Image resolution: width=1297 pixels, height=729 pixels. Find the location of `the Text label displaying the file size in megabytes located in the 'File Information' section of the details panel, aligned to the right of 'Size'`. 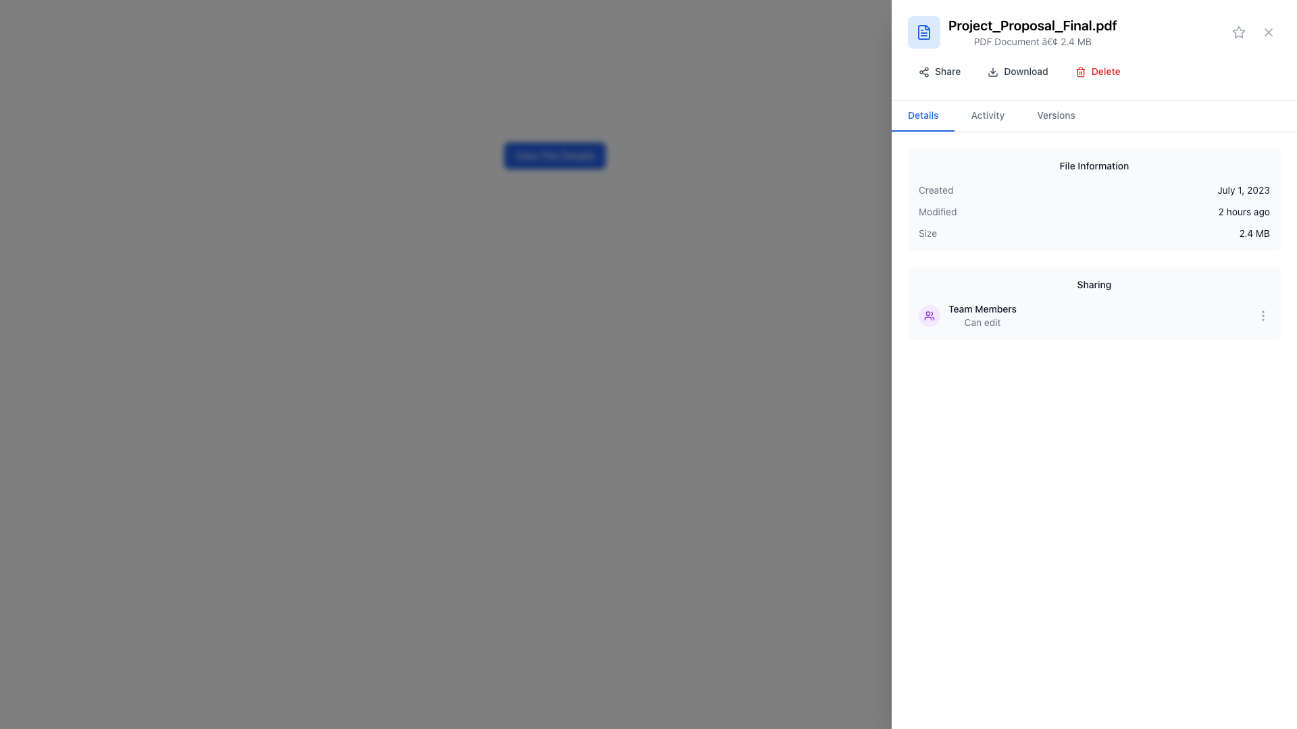

the Text label displaying the file size in megabytes located in the 'File Information' section of the details panel, aligned to the right of 'Size' is located at coordinates (1254, 233).